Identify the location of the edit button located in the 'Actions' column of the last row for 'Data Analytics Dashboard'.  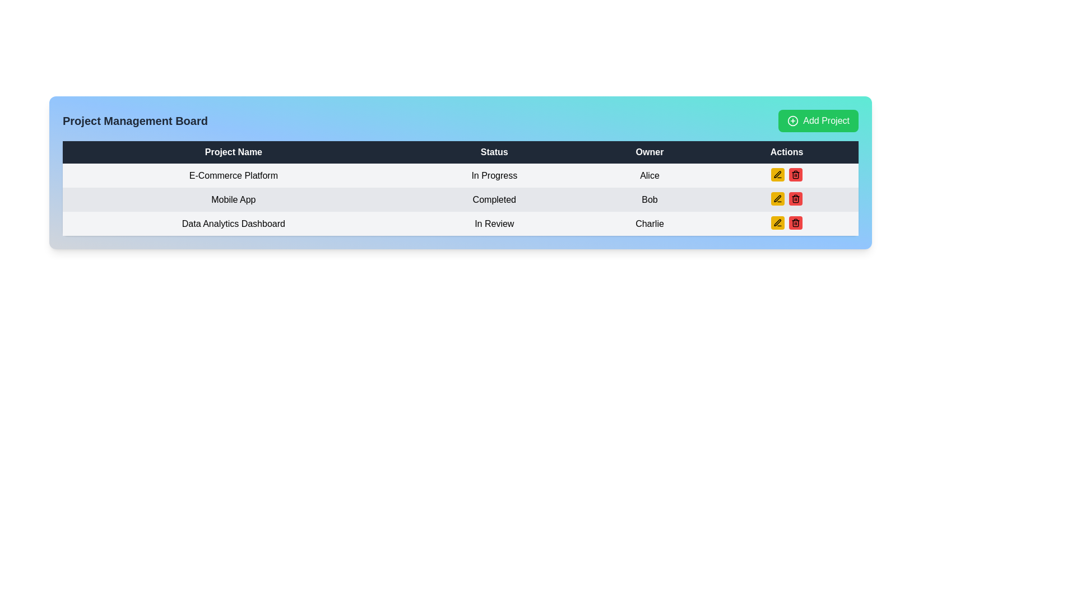
(777, 222).